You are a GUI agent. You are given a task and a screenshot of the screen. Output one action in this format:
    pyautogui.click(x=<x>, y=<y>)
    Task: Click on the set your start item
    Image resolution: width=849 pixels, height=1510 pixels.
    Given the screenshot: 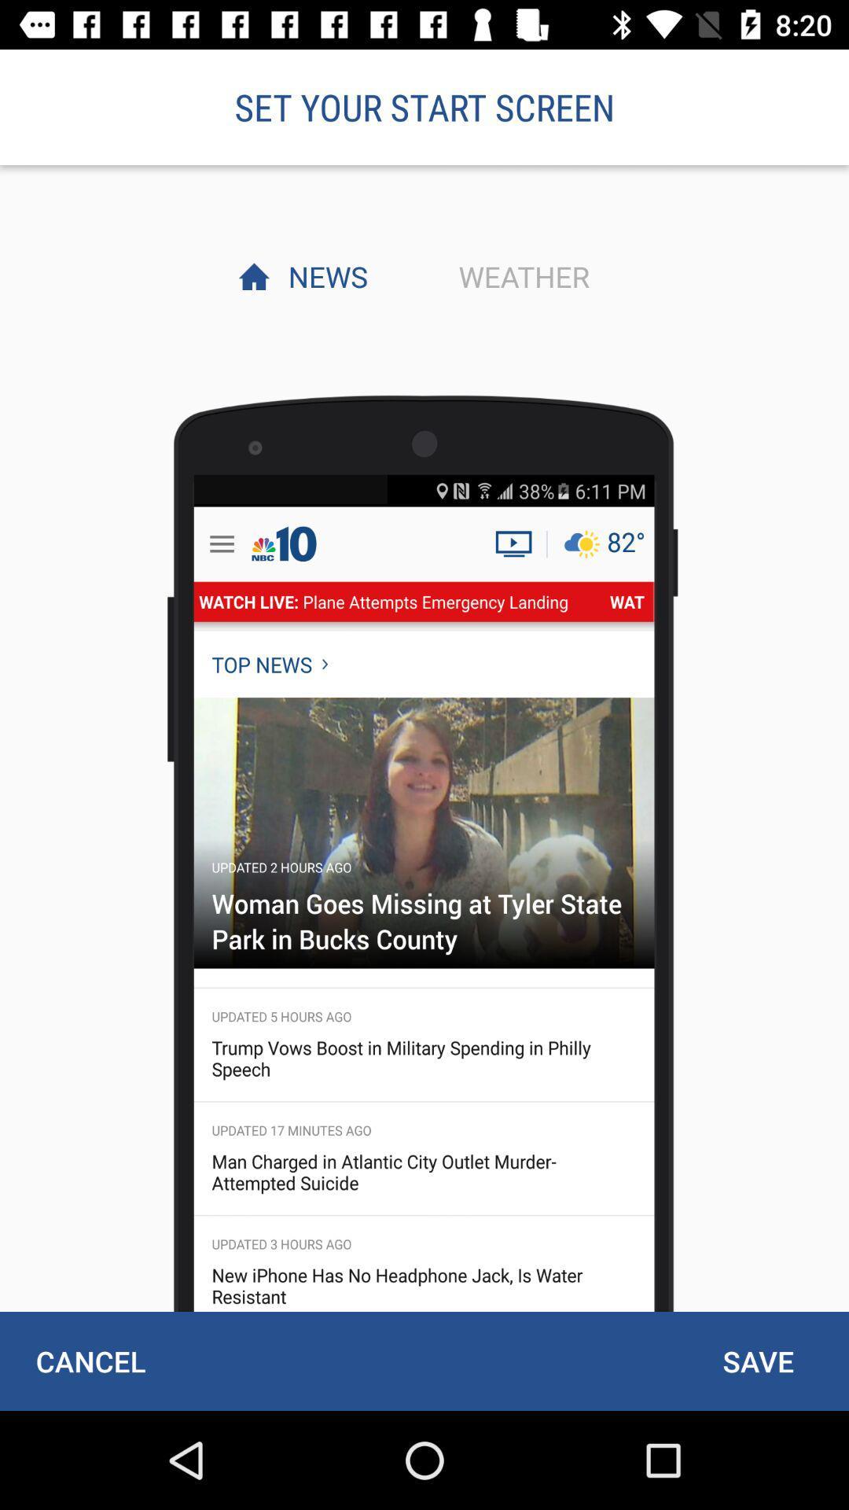 What is the action you would take?
    pyautogui.click(x=424, y=106)
    